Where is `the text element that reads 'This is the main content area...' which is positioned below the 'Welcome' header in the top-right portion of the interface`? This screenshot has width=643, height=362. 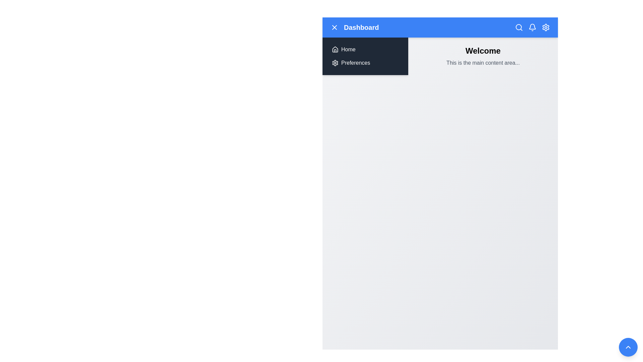 the text element that reads 'This is the main content area...' which is positioned below the 'Welcome' header in the top-right portion of the interface is located at coordinates (483, 63).